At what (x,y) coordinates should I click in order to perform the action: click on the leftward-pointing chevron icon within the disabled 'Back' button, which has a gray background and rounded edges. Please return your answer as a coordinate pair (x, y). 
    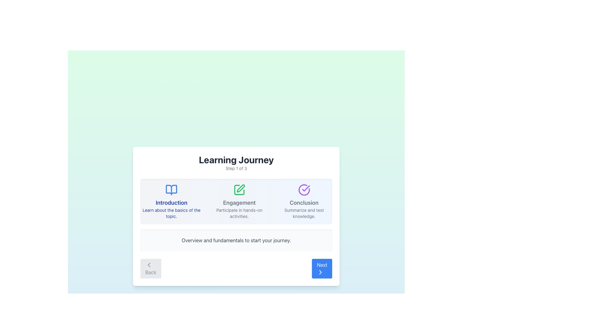
    Looking at the image, I should click on (149, 264).